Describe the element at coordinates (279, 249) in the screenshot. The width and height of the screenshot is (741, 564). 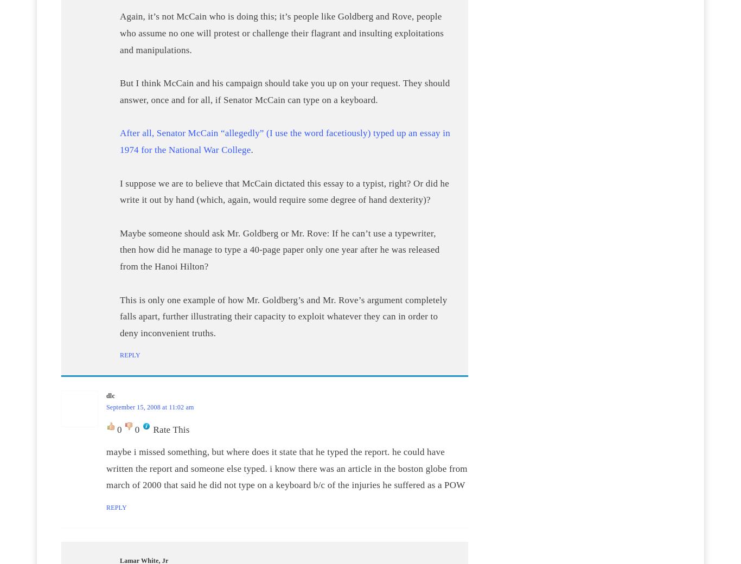
I see `'Maybe someone should ask Mr. Goldberg or Mr. Rove: If he can’t use a typewriter, then how did he manage to type a 40-page paper only one year after he was released from the Hanoi Hilton?'` at that location.